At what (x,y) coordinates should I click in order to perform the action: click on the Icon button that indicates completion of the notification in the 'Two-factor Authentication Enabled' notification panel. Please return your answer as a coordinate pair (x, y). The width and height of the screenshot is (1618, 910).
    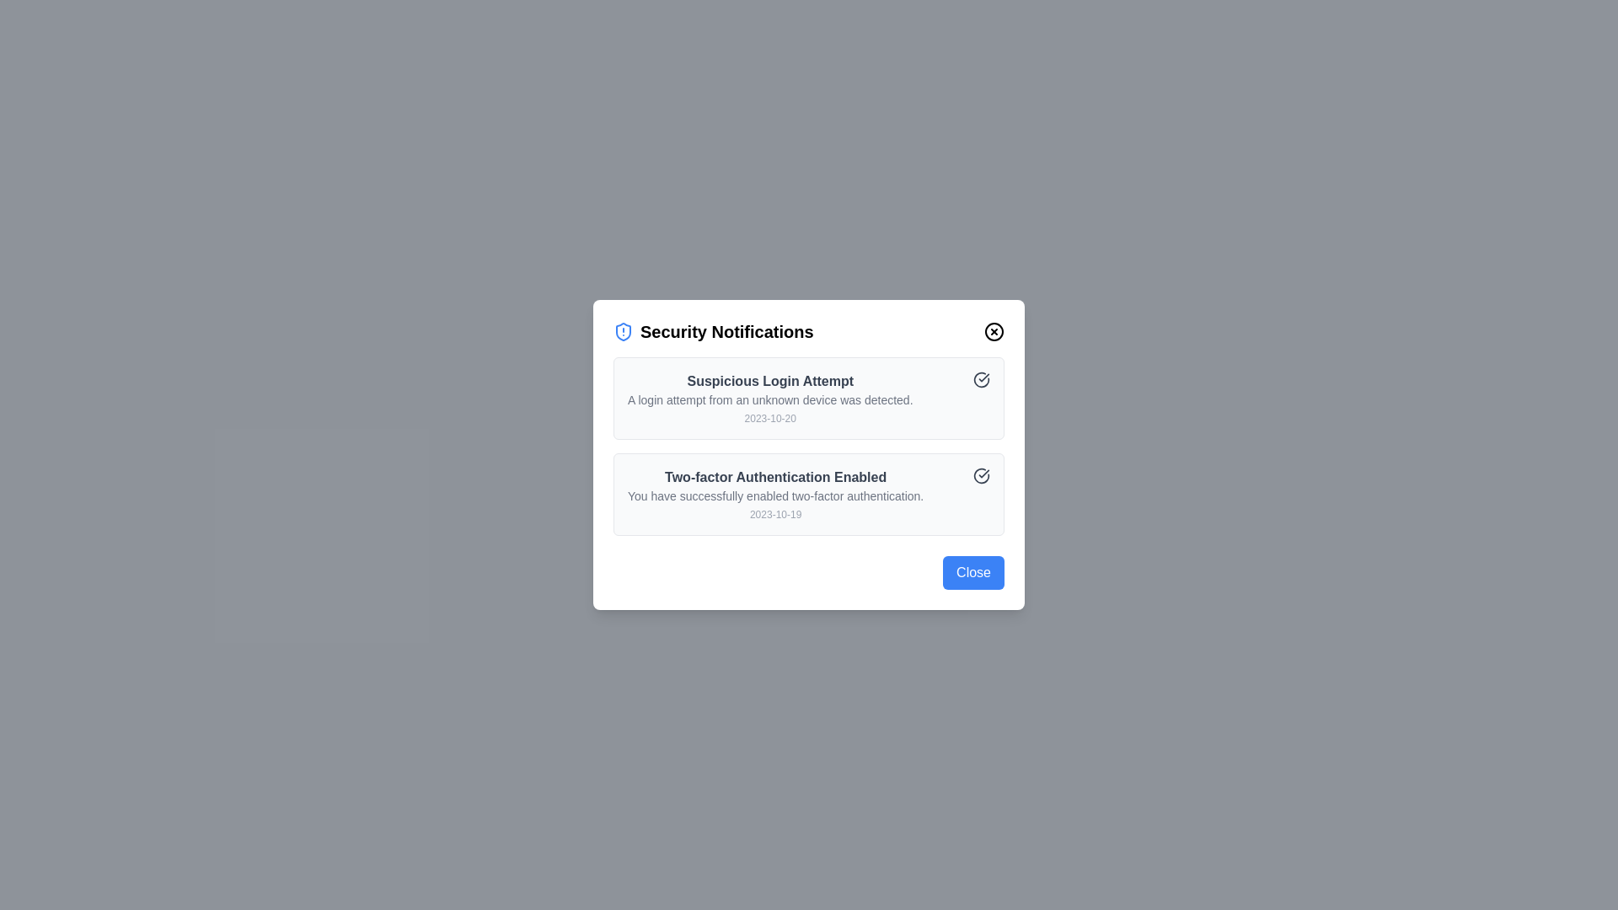
    Looking at the image, I should click on (982, 475).